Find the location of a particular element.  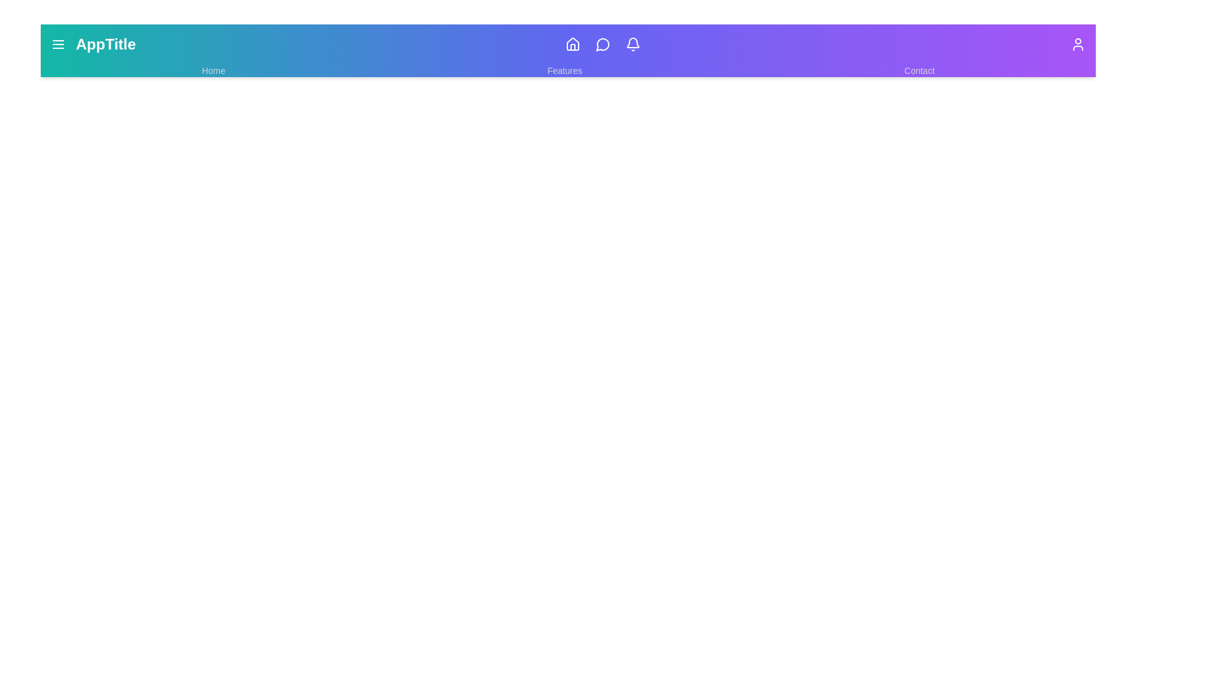

the menu icon to open the navigation menu is located at coordinates (57, 43).